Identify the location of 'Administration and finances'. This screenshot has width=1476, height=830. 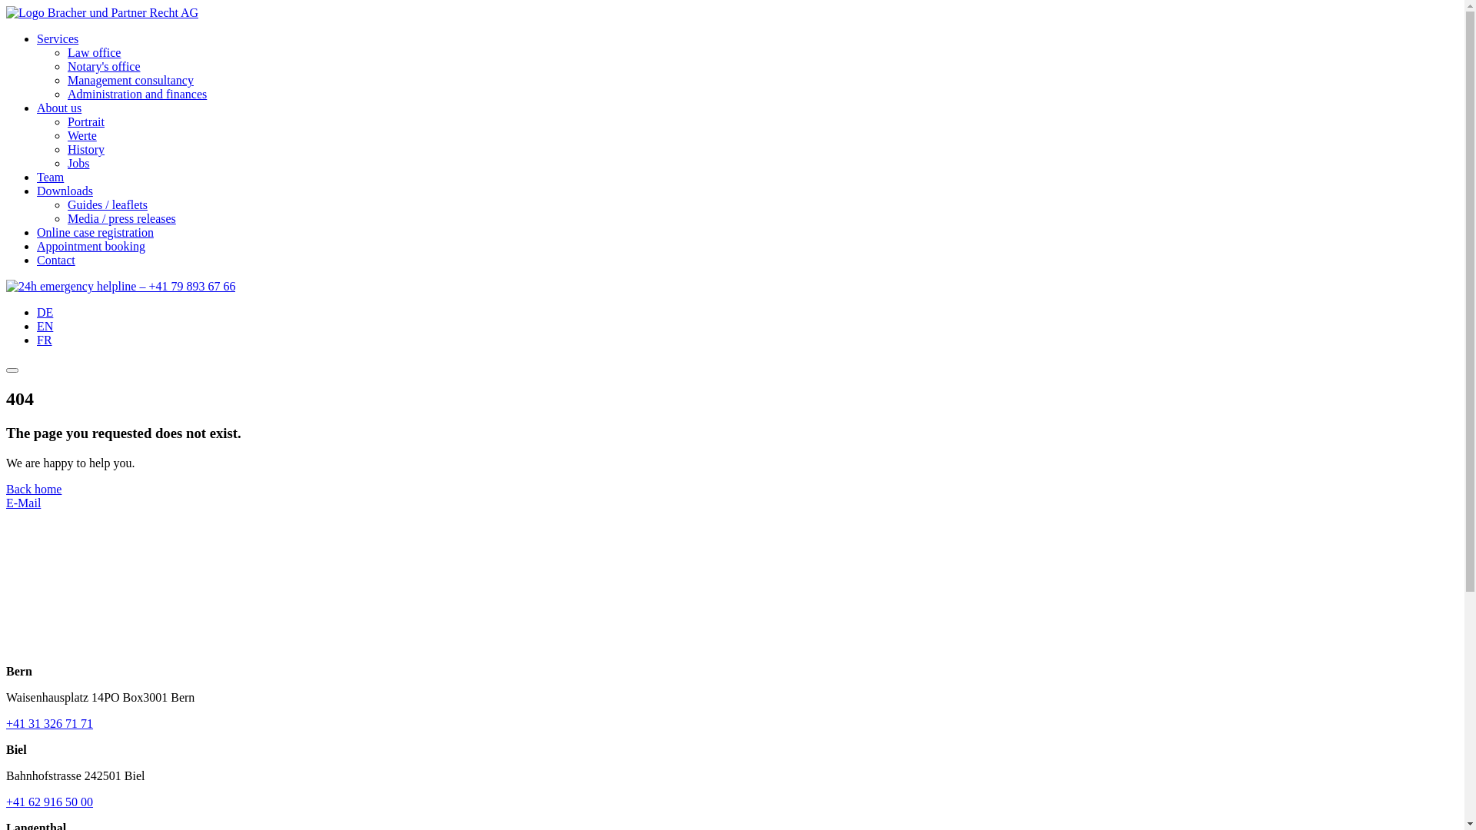
(137, 94).